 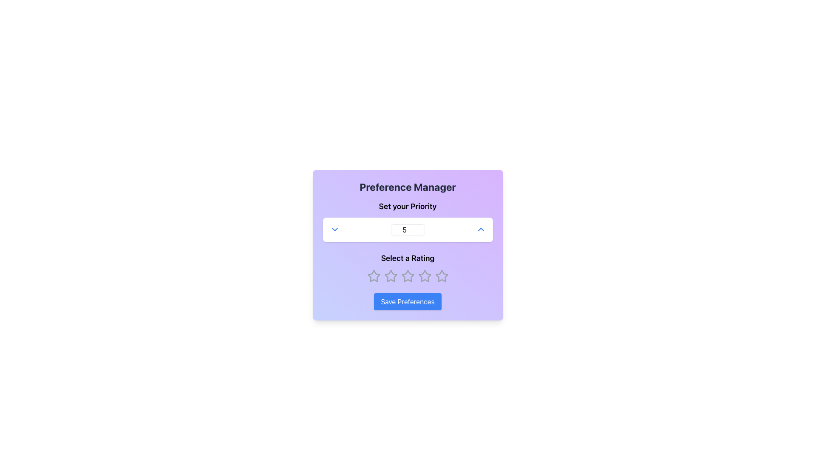 What do you see at coordinates (407, 276) in the screenshot?
I see `the third star-shaped Rating Icon below the 'Select a Rating' text to show the context menu` at bounding box center [407, 276].